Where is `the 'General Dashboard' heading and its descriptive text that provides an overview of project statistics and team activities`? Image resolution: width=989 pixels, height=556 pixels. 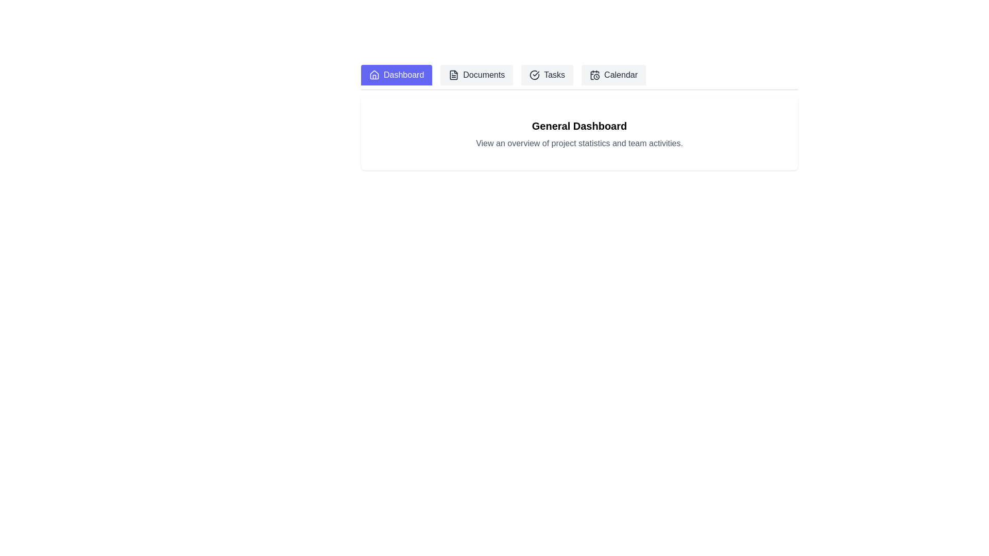 the 'General Dashboard' heading and its descriptive text that provides an overview of project statistics and team activities is located at coordinates (579, 134).